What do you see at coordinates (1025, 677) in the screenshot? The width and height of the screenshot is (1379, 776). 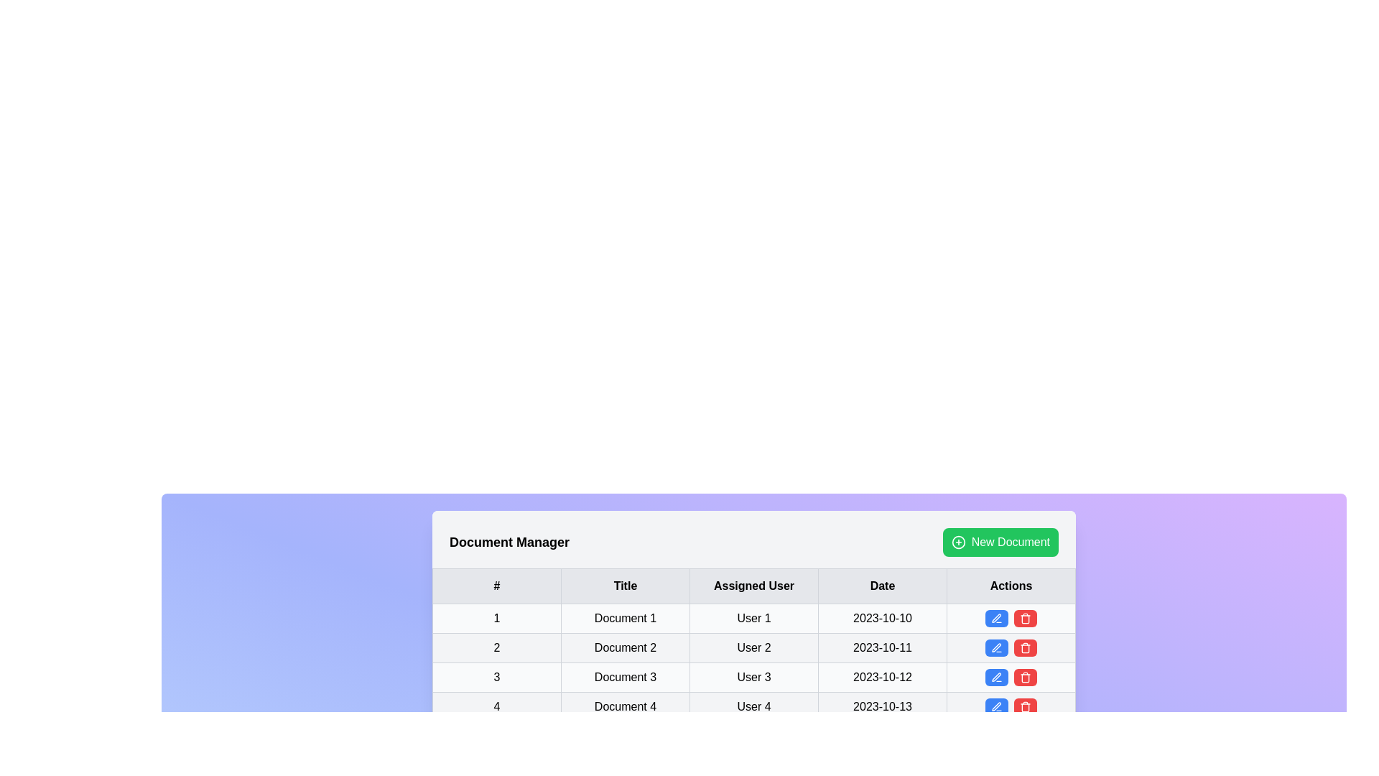 I see `the red button with rounded corners containing a trash can icon, located in the 'Actions' column for 'Document 3'` at bounding box center [1025, 677].